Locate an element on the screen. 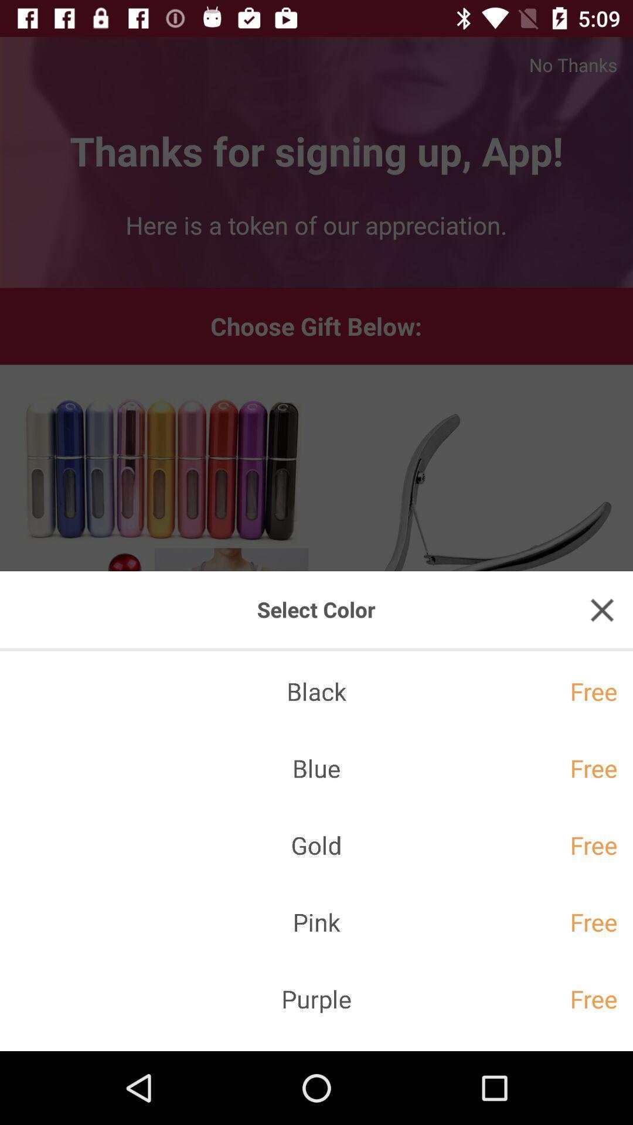 The width and height of the screenshot is (633, 1125). the close icon is located at coordinates (602, 609).